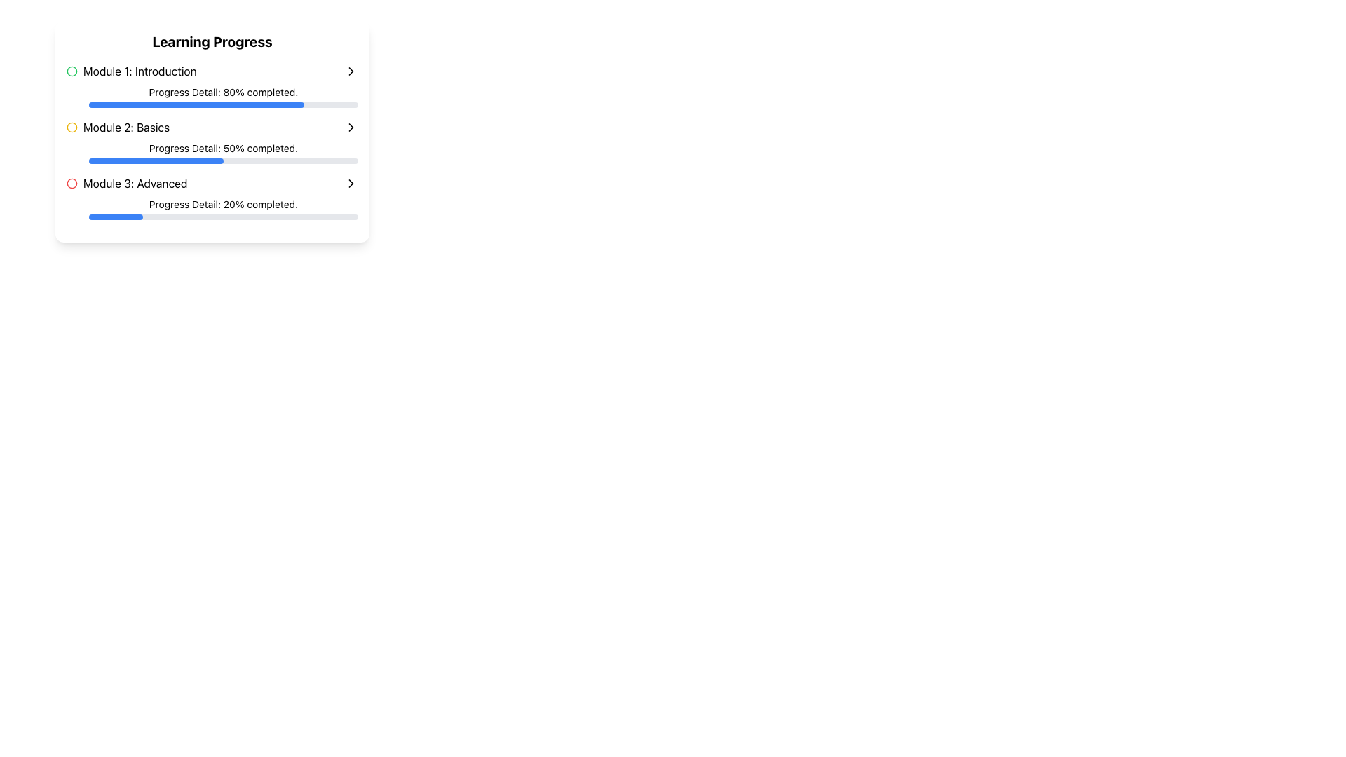 Image resolution: width=1346 pixels, height=757 pixels. Describe the element at coordinates (222, 161) in the screenshot. I see `the Progress bar located below the text 'Progress Detail: 50% completed.' in 'Module 2: Basics'` at that location.